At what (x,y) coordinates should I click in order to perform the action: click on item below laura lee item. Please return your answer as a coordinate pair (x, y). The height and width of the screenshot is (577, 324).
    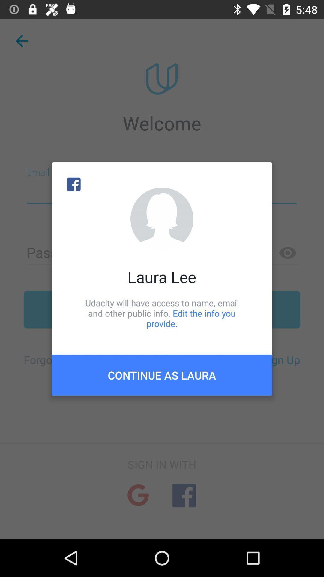
    Looking at the image, I should click on (162, 313).